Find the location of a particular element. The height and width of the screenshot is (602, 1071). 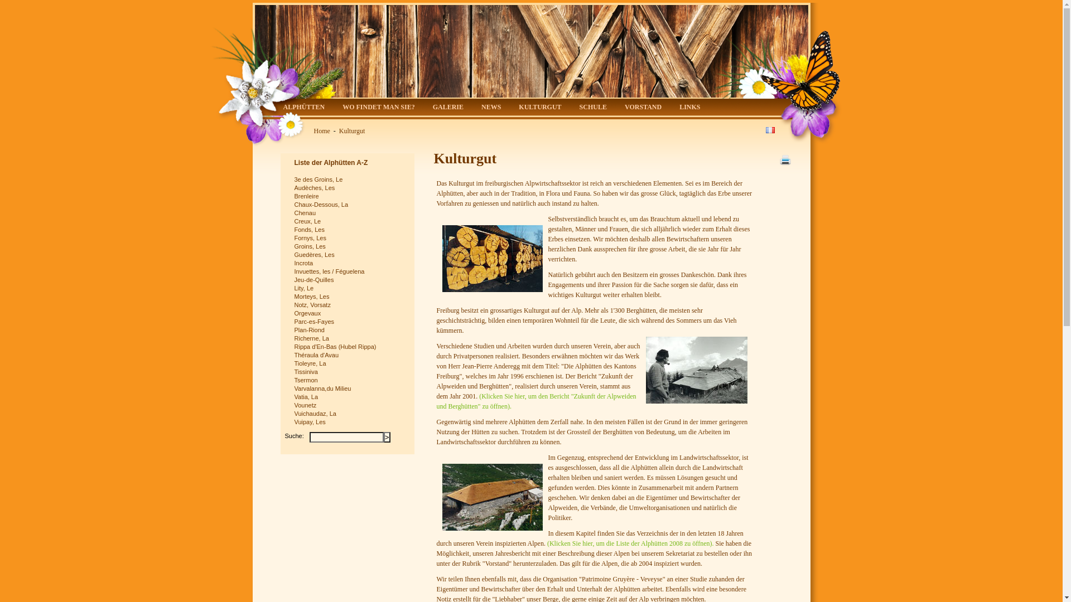

'Tsermon' is located at coordinates (348, 380).